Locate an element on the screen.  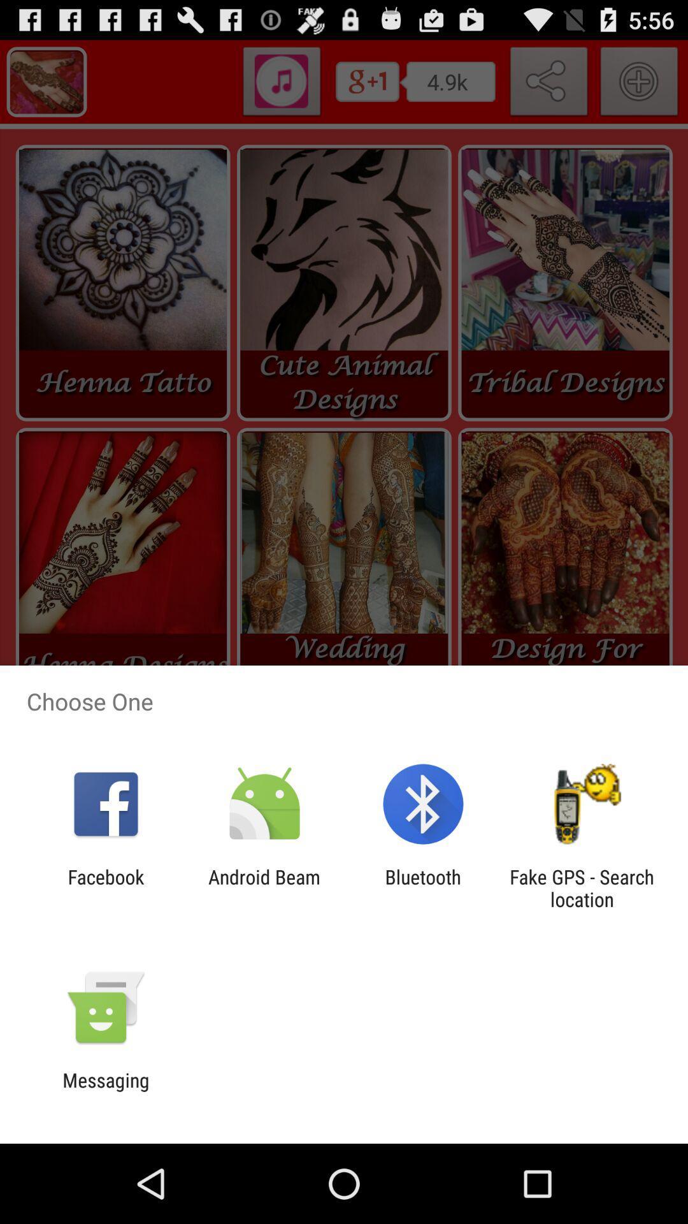
messaging is located at coordinates (105, 1091).